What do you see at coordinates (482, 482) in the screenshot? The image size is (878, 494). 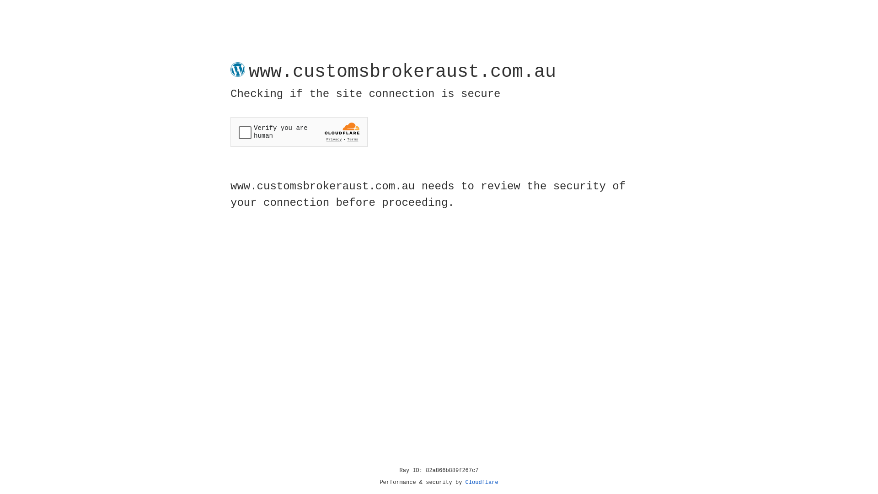 I see `'Cloudflare'` at bounding box center [482, 482].